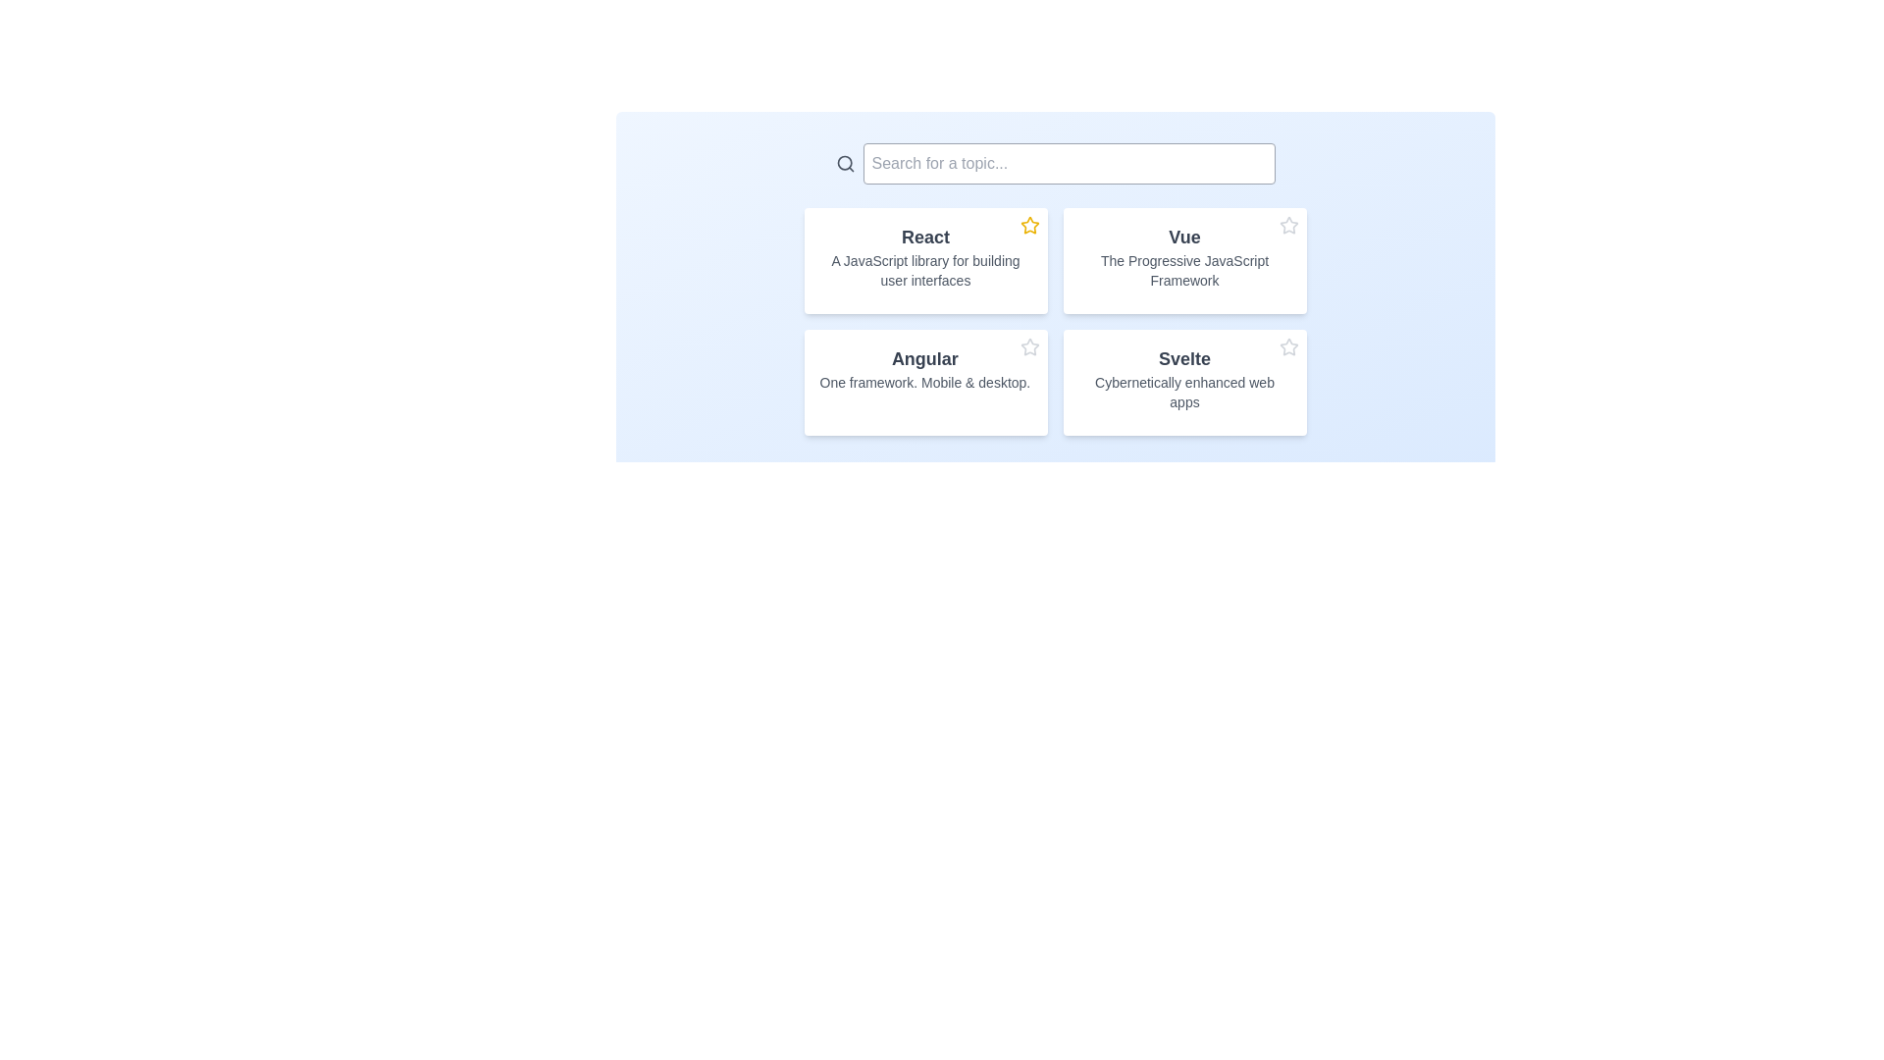 Image resolution: width=1884 pixels, height=1060 pixels. What do you see at coordinates (924, 271) in the screenshot?
I see `the descriptive text located directly beneath the bold title 'React' in the top-left quadrant of the grid layout` at bounding box center [924, 271].